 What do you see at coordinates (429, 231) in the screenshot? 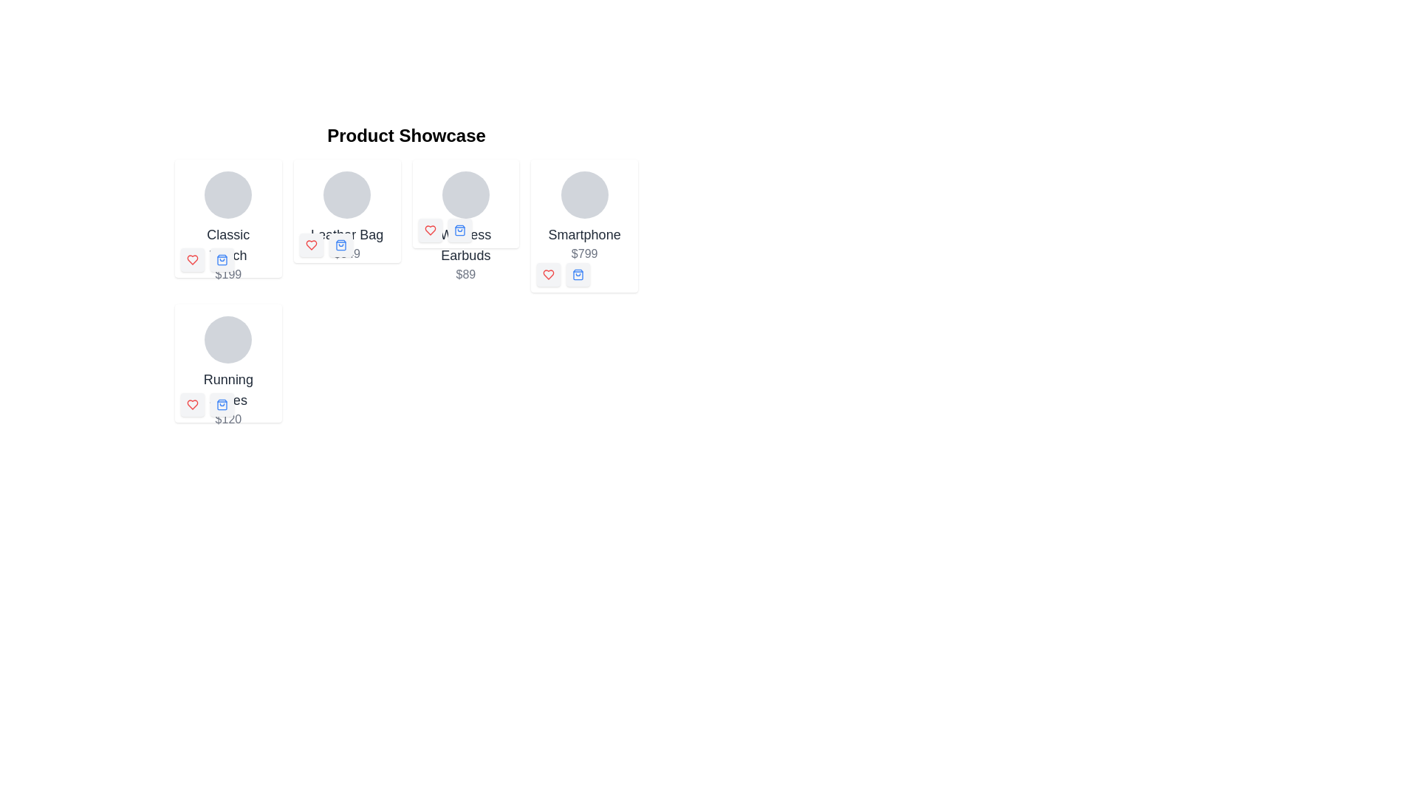
I see `the heart-shaped icon outlined in red to favorite the item, located in the third product card from the left on the top row, directly below the image placeholder` at bounding box center [429, 231].